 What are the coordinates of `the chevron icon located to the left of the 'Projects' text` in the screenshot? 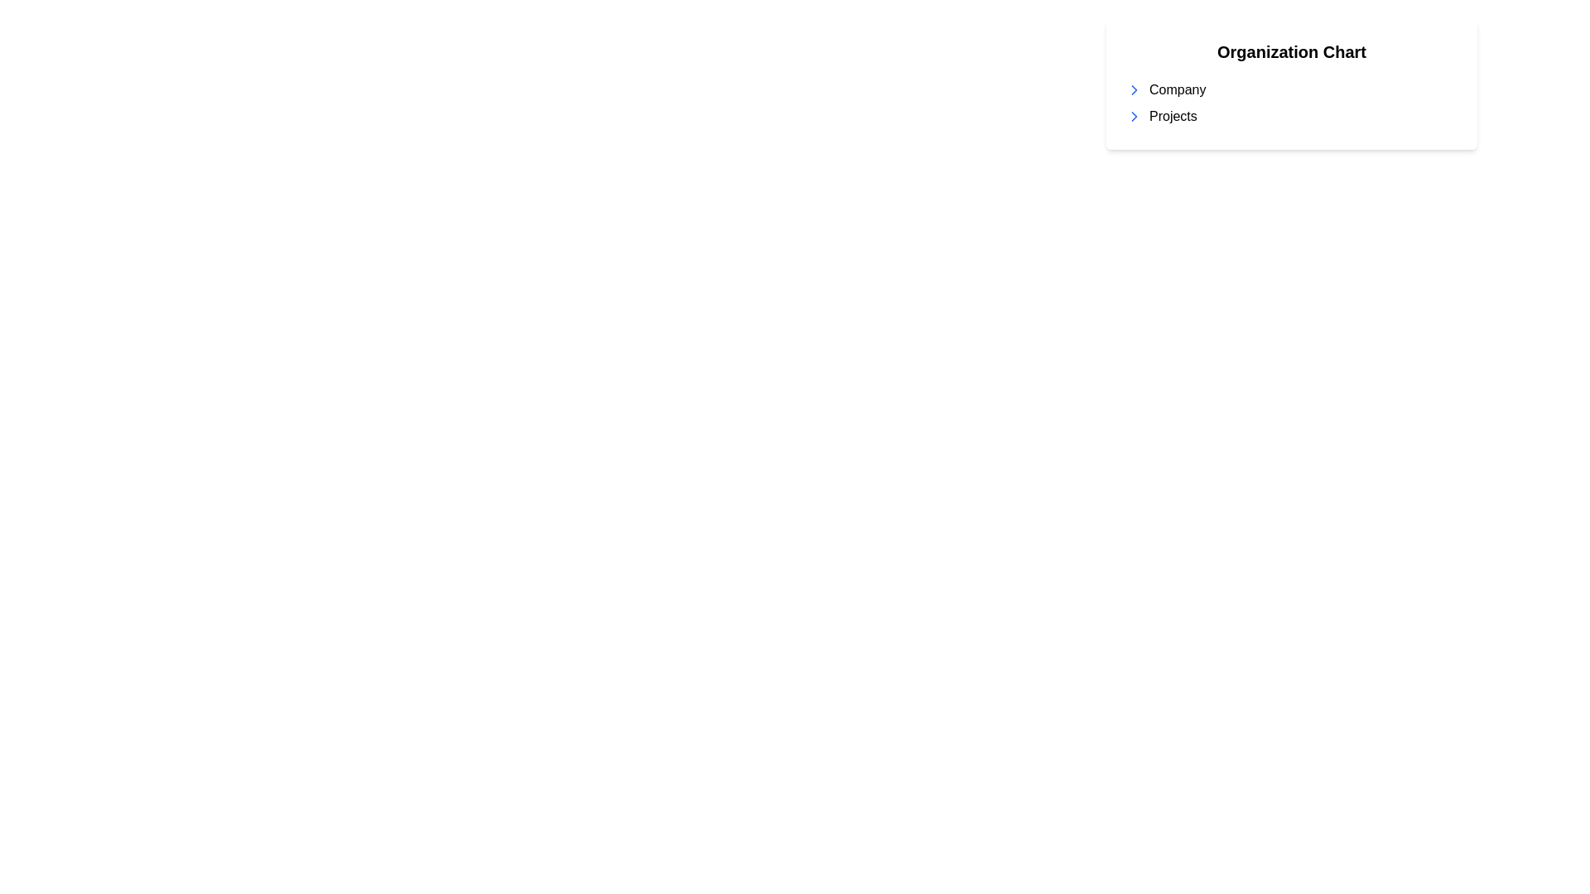 It's located at (1133, 89).